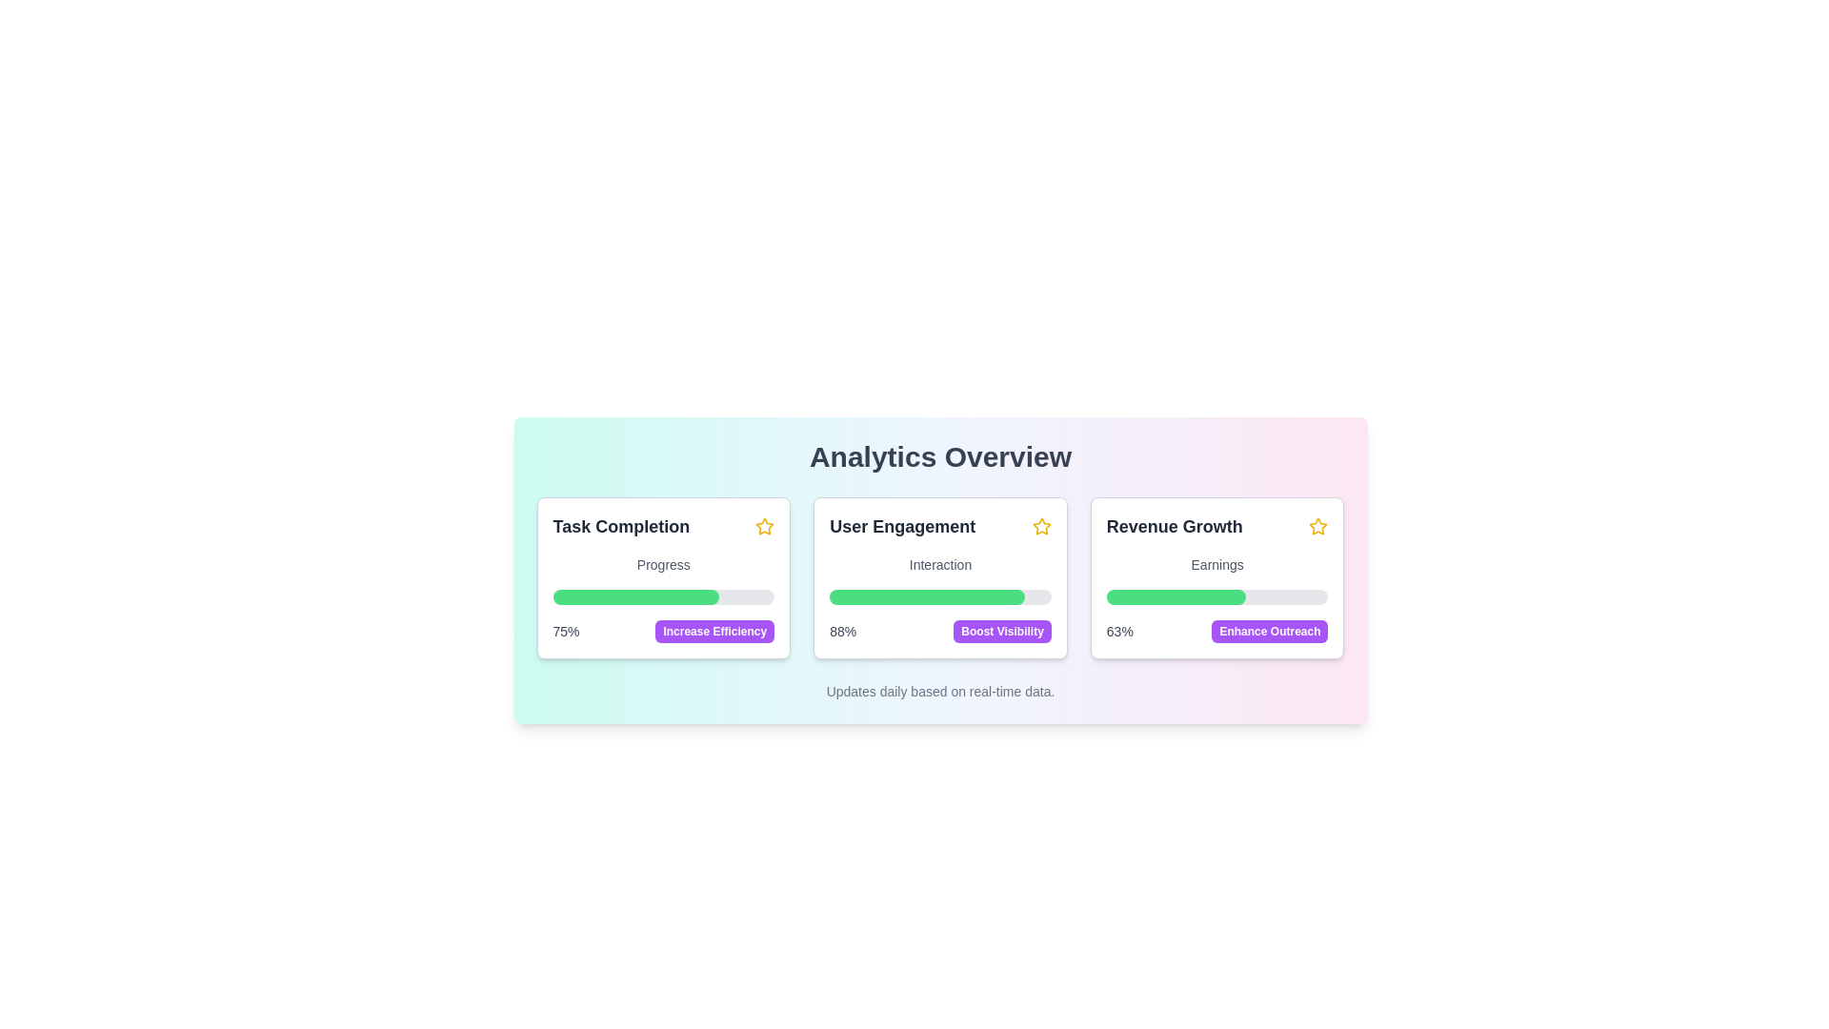  Describe the element at coordinates (1001, 632) in the screenshot. I see `the purple rectangular button labeled 'Boost Visibility' with bold white uppercase letters` at that location.